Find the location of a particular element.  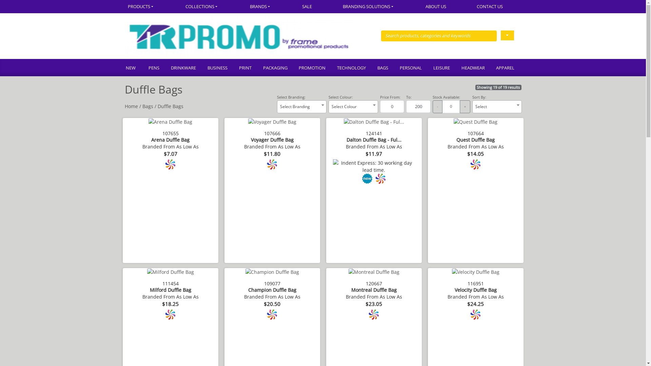

'PERSONAL' is located at coordinates (410, 68).